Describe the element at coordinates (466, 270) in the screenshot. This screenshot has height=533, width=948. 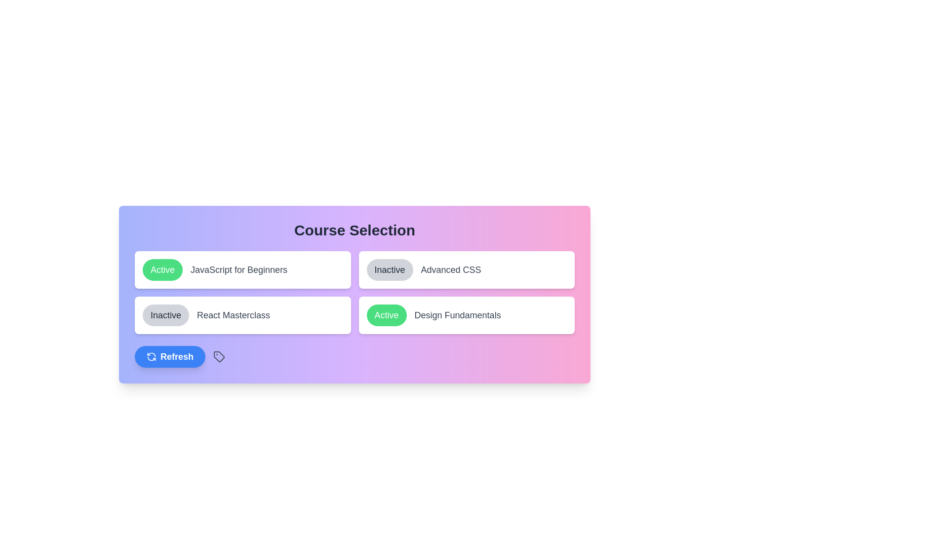
I see `the Informational tile labeled 'Advanced CSS' which has a rounded button labeled 'Inactive' on the left, to interact with adjacent elements` at that location.